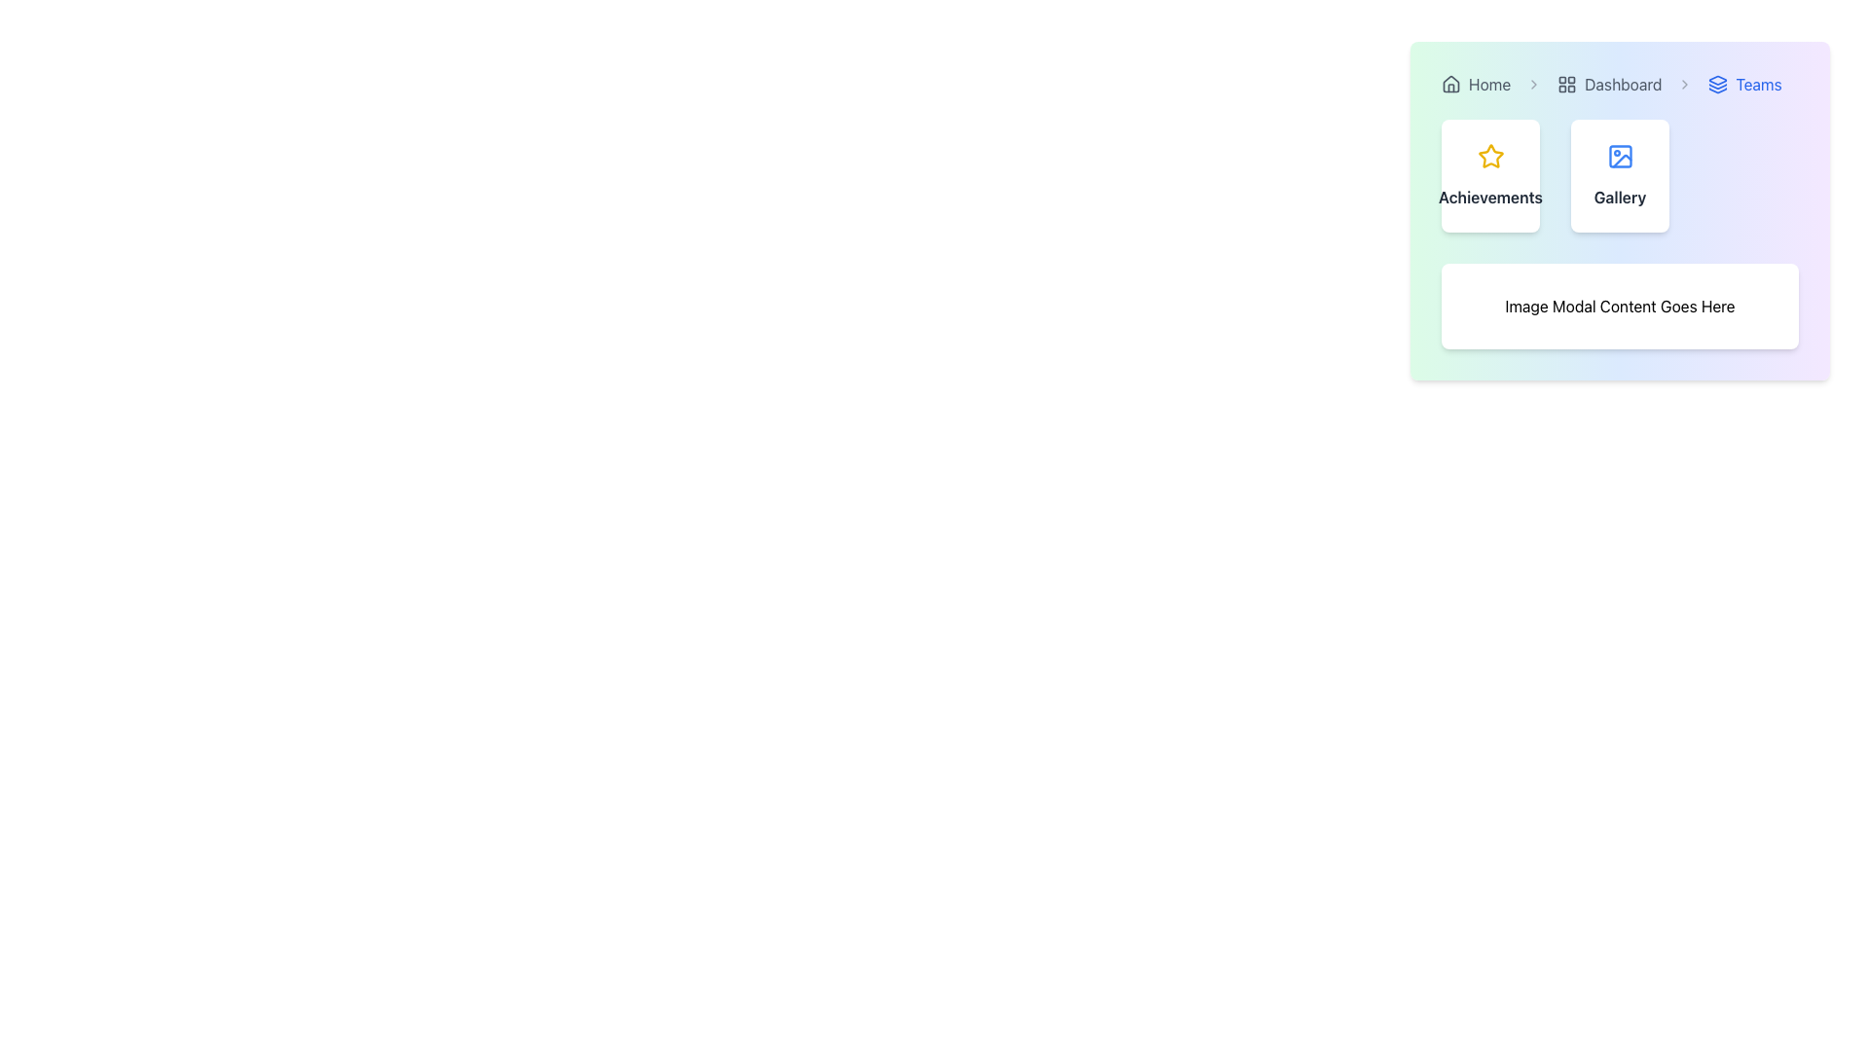 The height and width of the screenshot is (1051, 1869). What do you see at coordinates (1566, 84) in the screenshot?
I see `the grid layout icon located in the top navigation bar, adjacent to the 'Dashboard' text` at bounding box center [1566, 84].